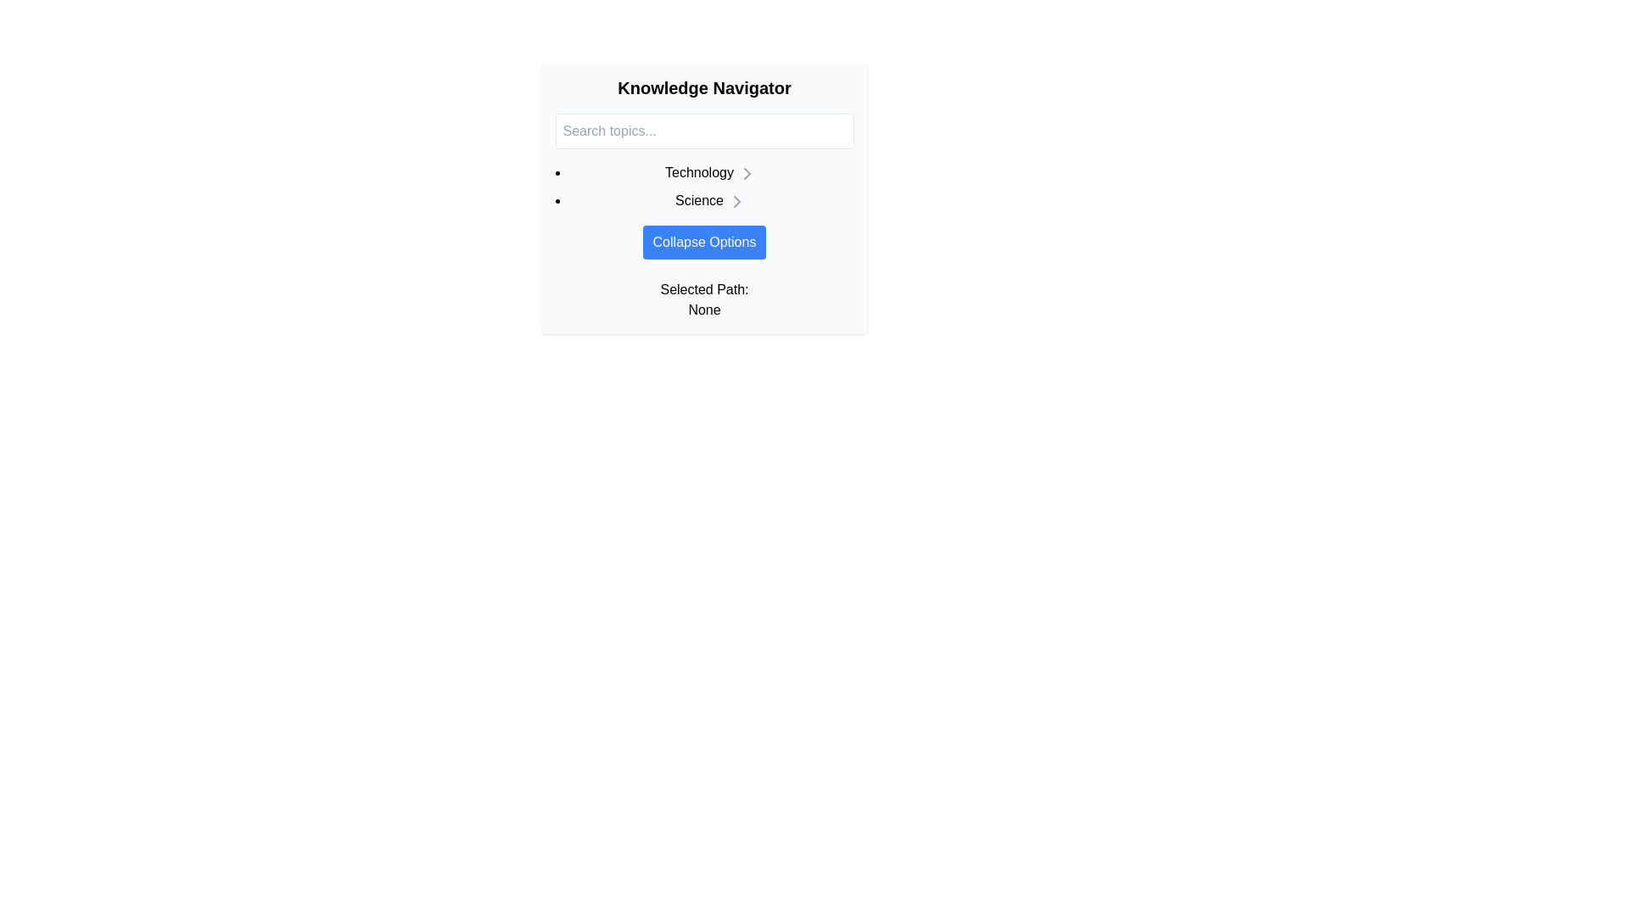 The image size is (1629, 916). What do you see at coordinates (704, 197) in the screenshot?
I see `the text link displaying 'Science', which is the second clickable term in the 'Knowledge Navigator' section under the search bar` at bounding box center [704, 197].